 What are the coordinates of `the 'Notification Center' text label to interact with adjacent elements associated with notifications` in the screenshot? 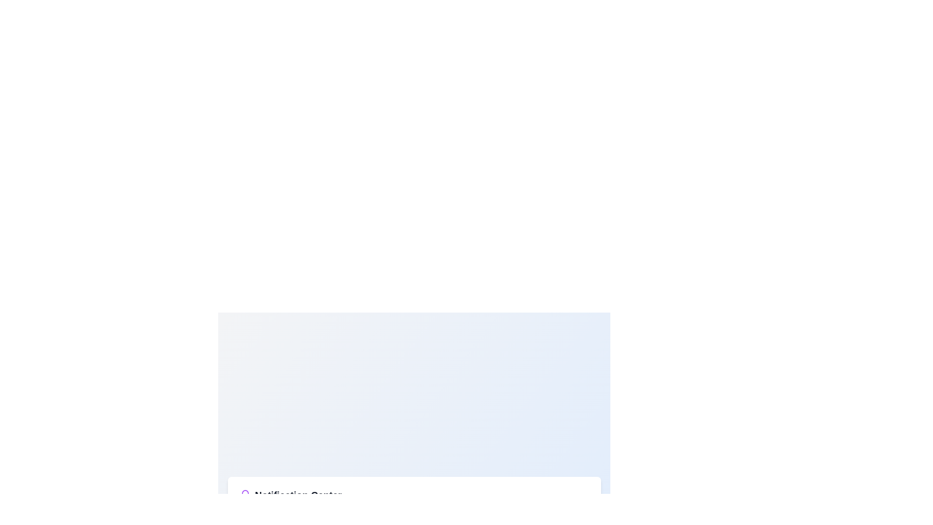 It's located at (298, 495).